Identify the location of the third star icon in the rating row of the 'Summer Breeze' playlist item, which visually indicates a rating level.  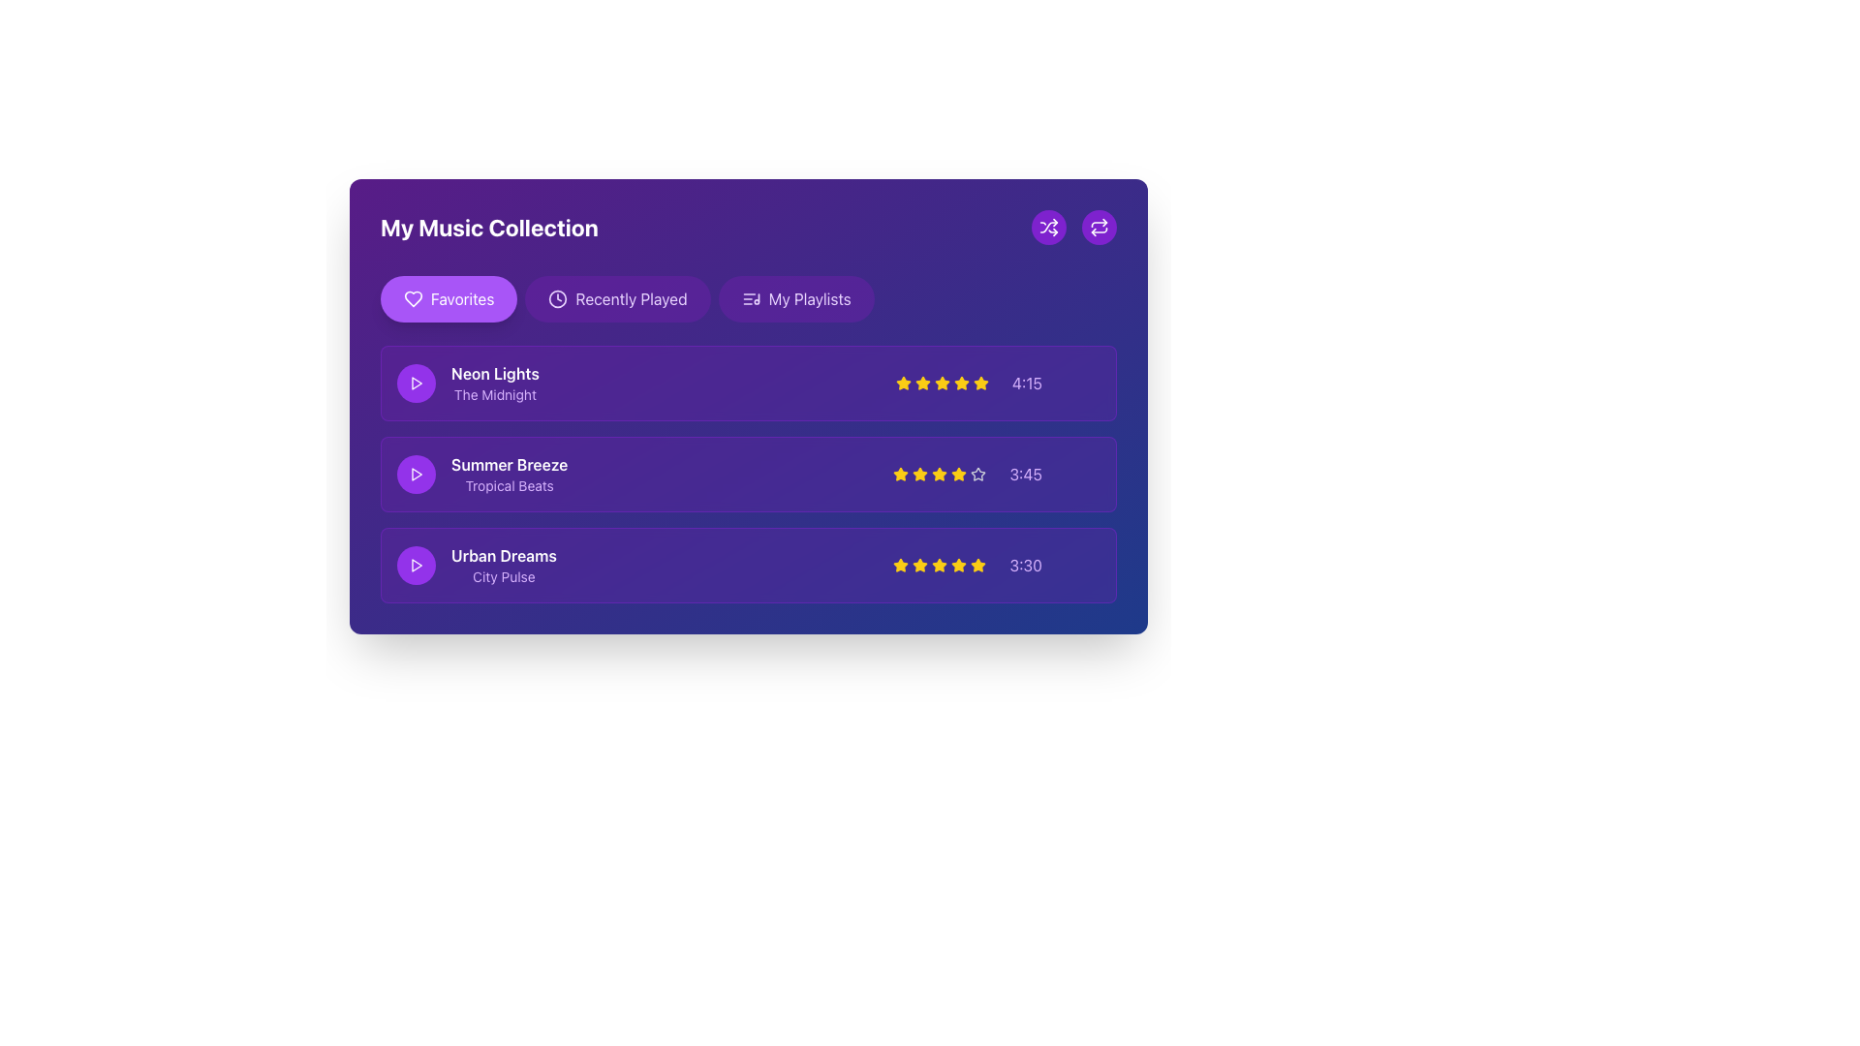
(919, 474).